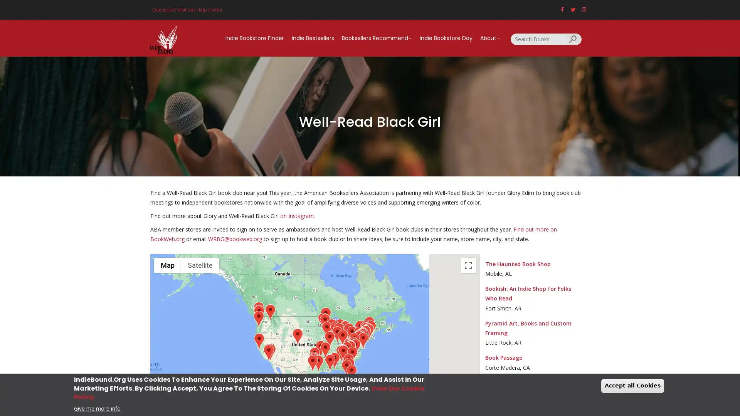  What do you see at coordinates (359, 337) in the screenshot?
I see `Greedy Reads Remington` at bounding box center [359, 337].